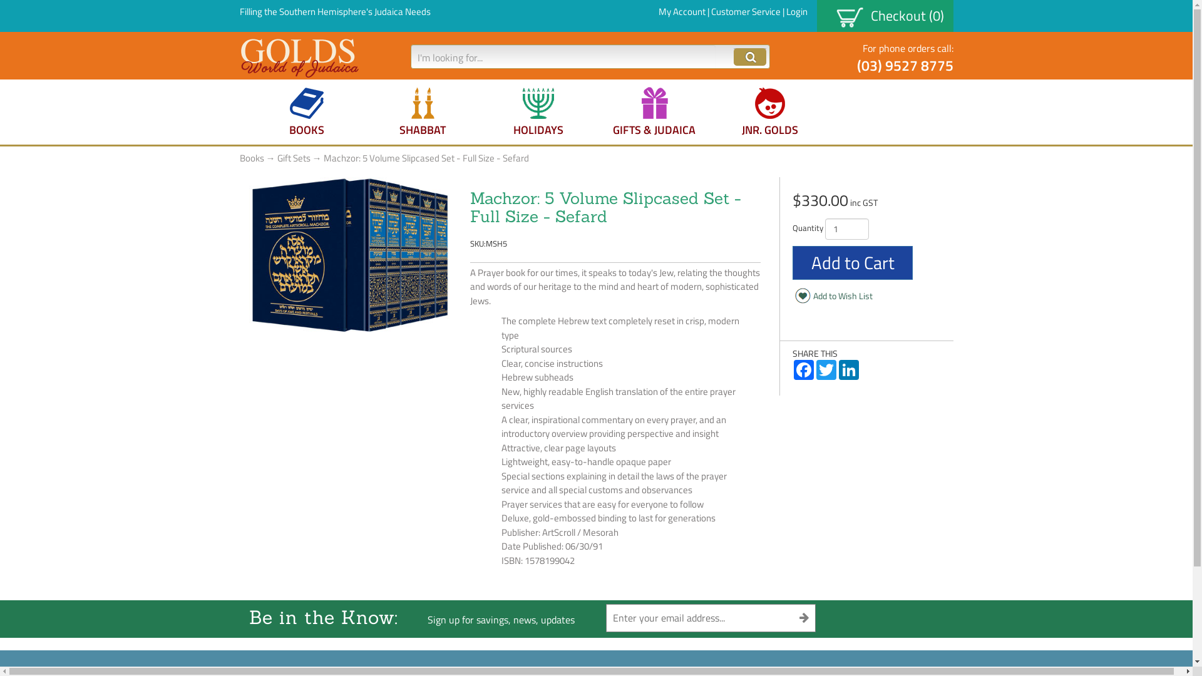 This screenshot has width=1202, height=676. Describe the element at coordinates (681, 11) in the screenshot. I see `'My Account'` at that location.